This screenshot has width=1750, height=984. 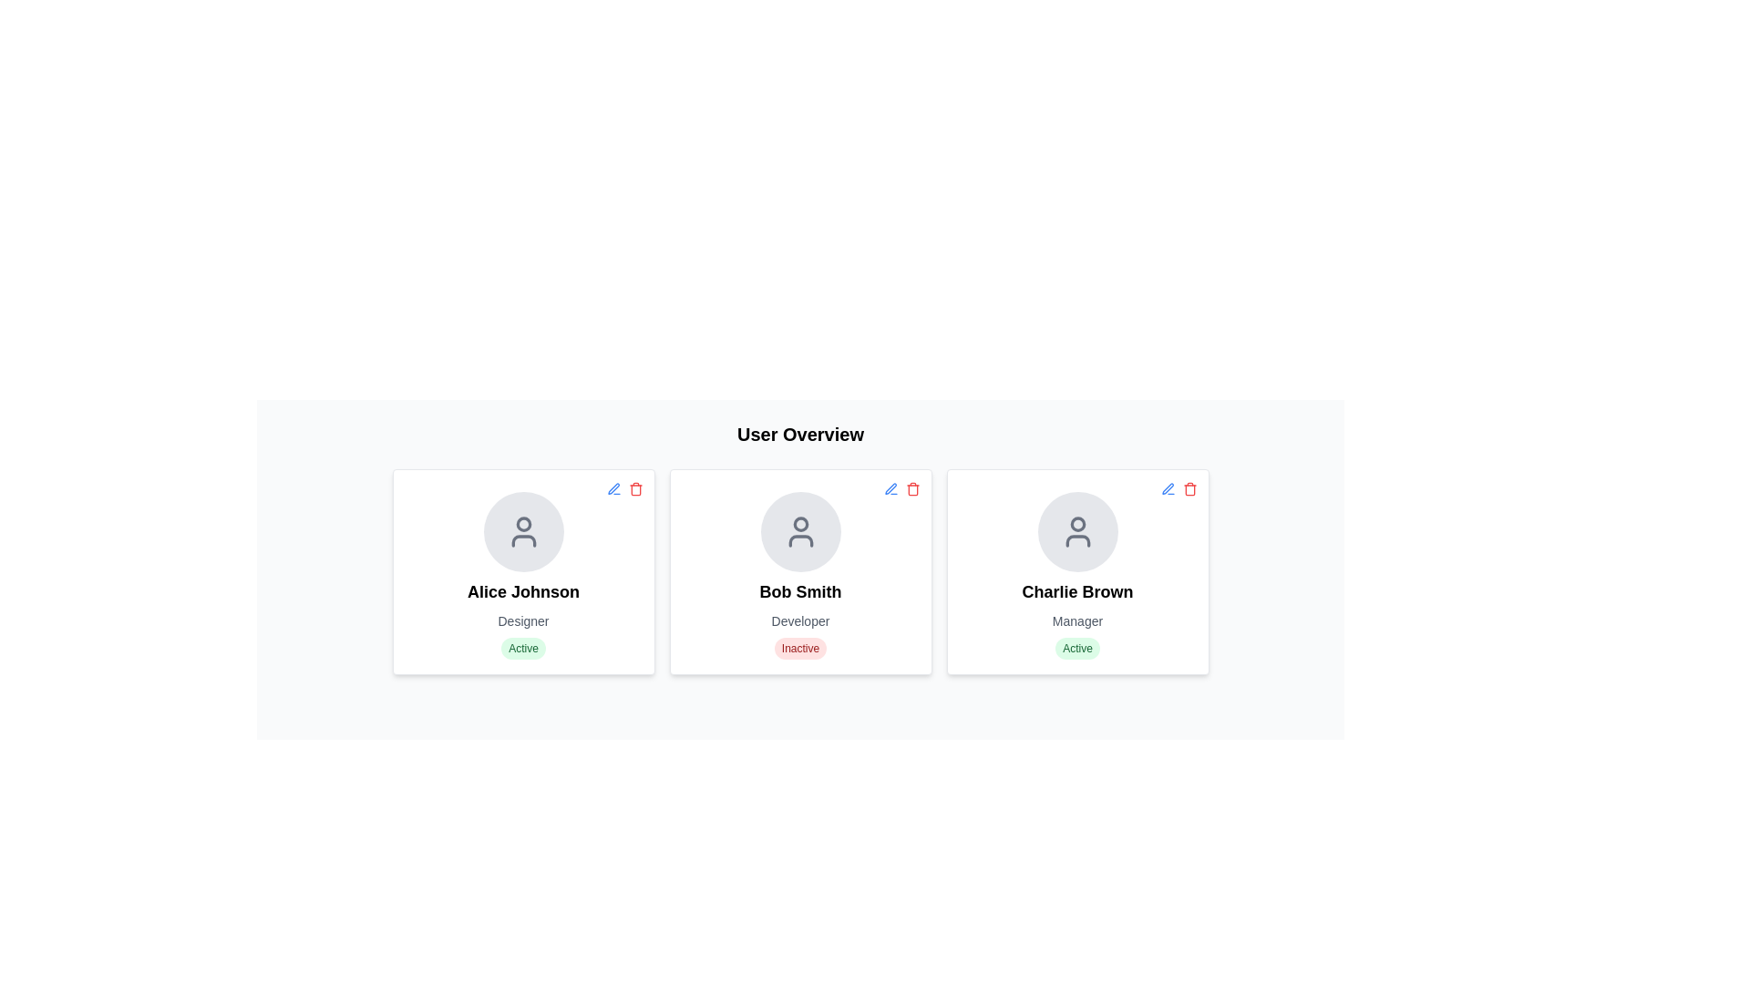 What do you see at coordinates (624, 492) in the screenshot?
I see `the edit icon in the top-right corner of the card belonging to user Alice Johnson to initiate editing` at bounding box center [624, 492].